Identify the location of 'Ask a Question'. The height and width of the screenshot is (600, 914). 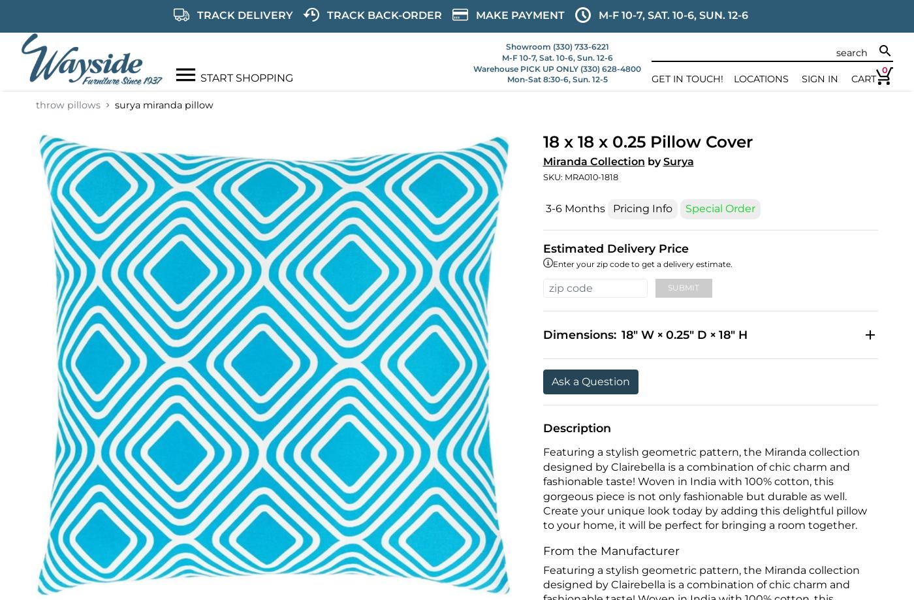
(590, 381).